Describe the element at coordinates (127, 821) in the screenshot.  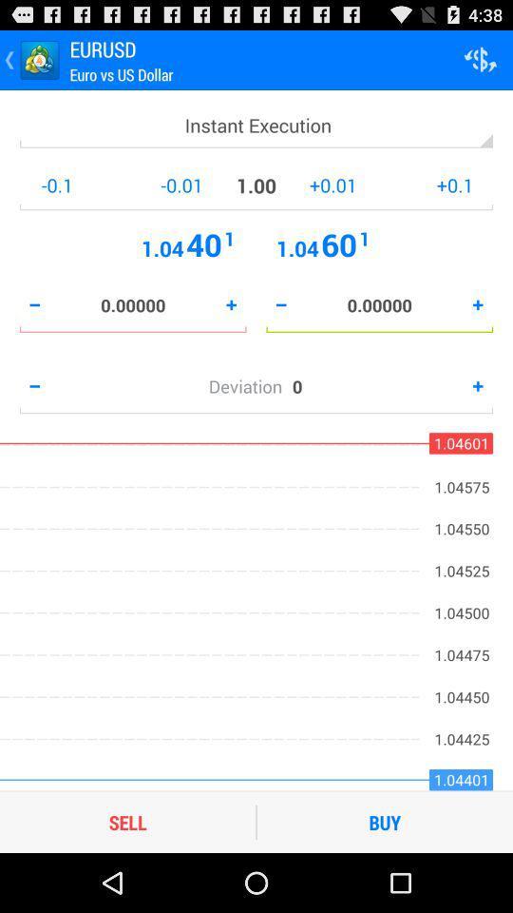
I see `sell at the bottom left corner` at that location.